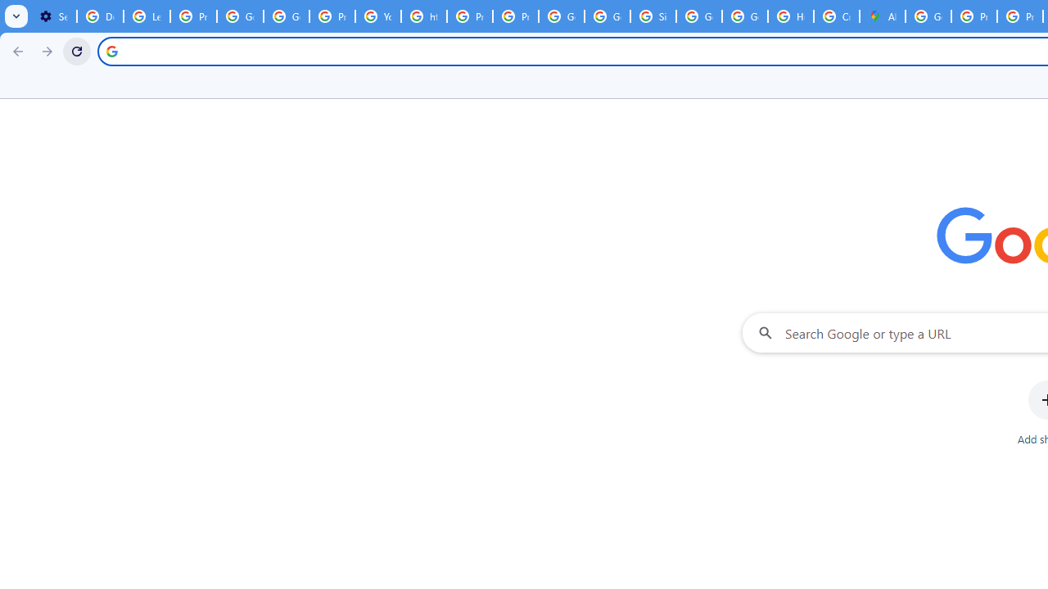 The height and width of the screenshot is (589, 1048). I want to click on 'Create your Google Account', so click(837, 16).